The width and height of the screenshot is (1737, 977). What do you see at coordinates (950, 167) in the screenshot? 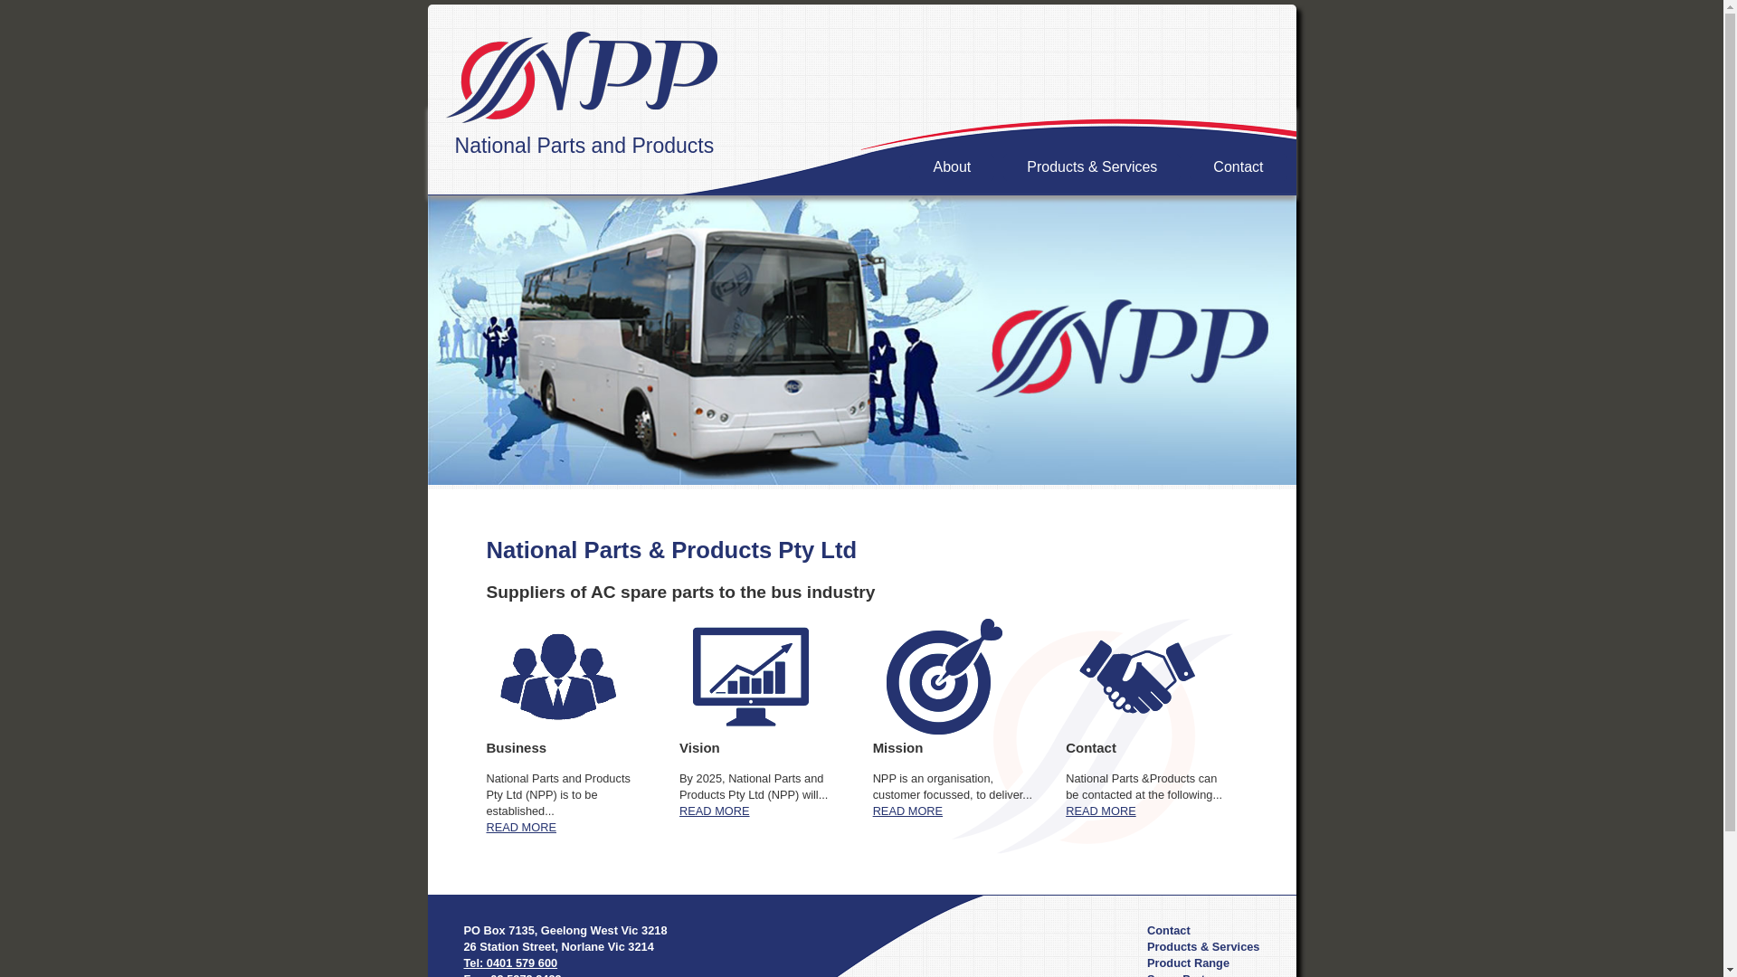
I see `'About'` at bounding box center [950, 167].